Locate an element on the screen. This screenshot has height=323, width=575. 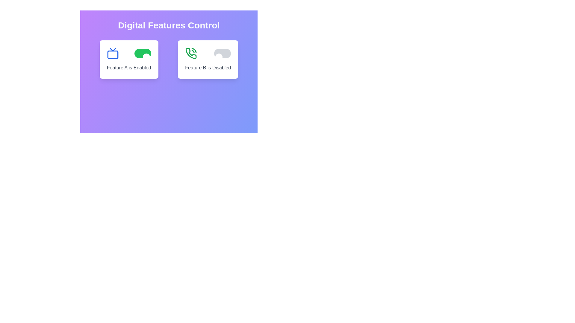
the phone call icon located within the 'Feature B is Disabled' card on the right side, which signifies call-related functionality is located at coordinates (194, 50).